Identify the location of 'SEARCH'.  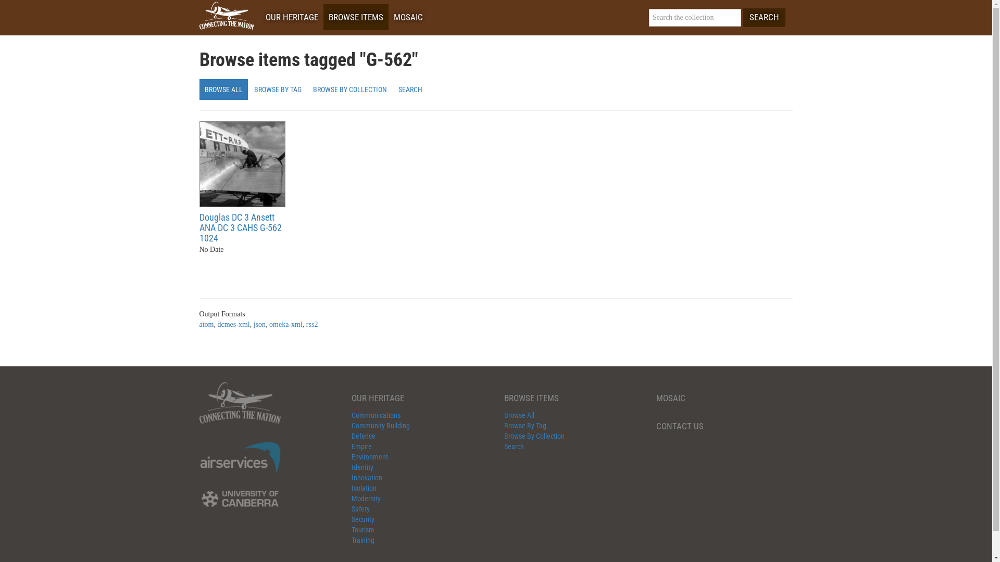
(764, 18).